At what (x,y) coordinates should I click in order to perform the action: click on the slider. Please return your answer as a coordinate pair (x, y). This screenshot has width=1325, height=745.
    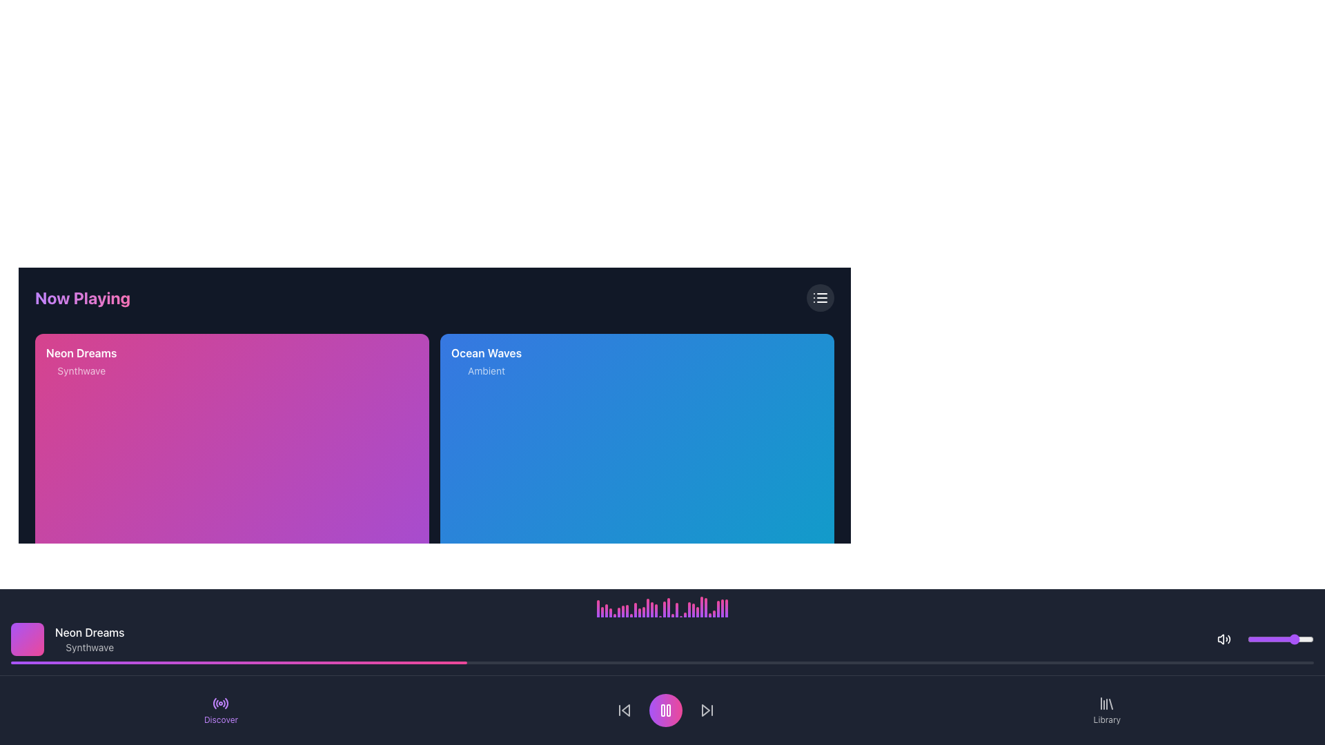
    Looking at the image, I should click on (1297, 639).